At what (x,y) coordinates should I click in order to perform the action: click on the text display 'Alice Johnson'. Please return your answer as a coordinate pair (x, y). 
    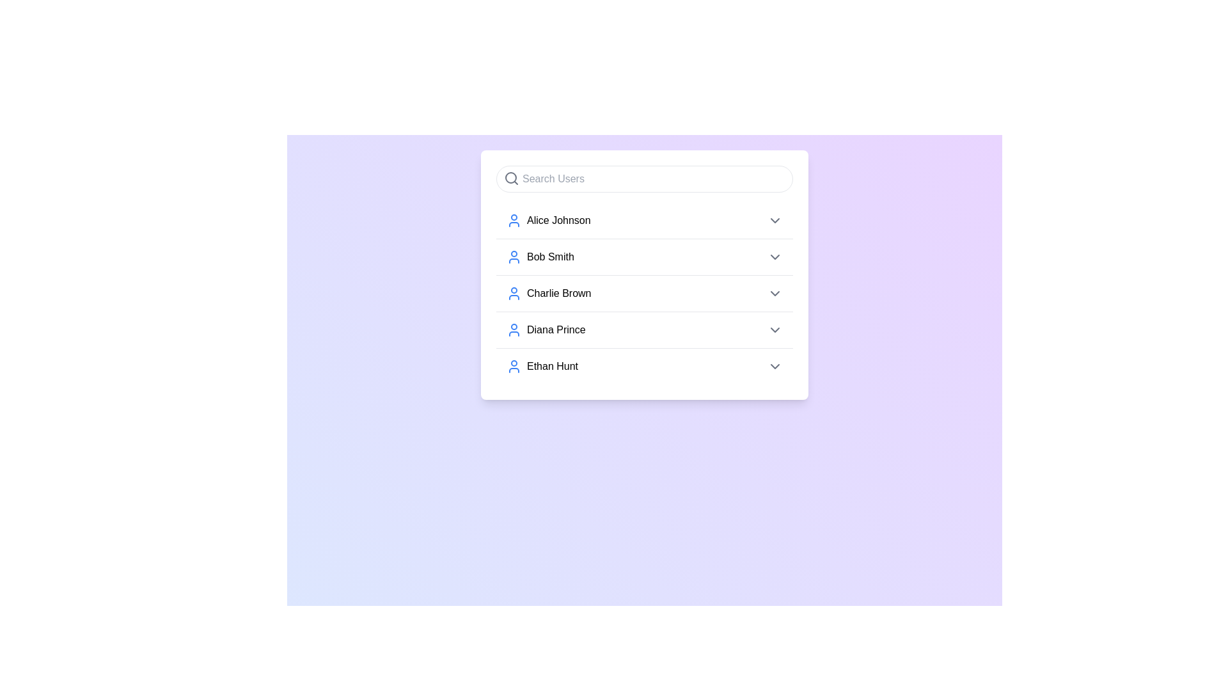
    Looking at the image, I should click on (558, 219).